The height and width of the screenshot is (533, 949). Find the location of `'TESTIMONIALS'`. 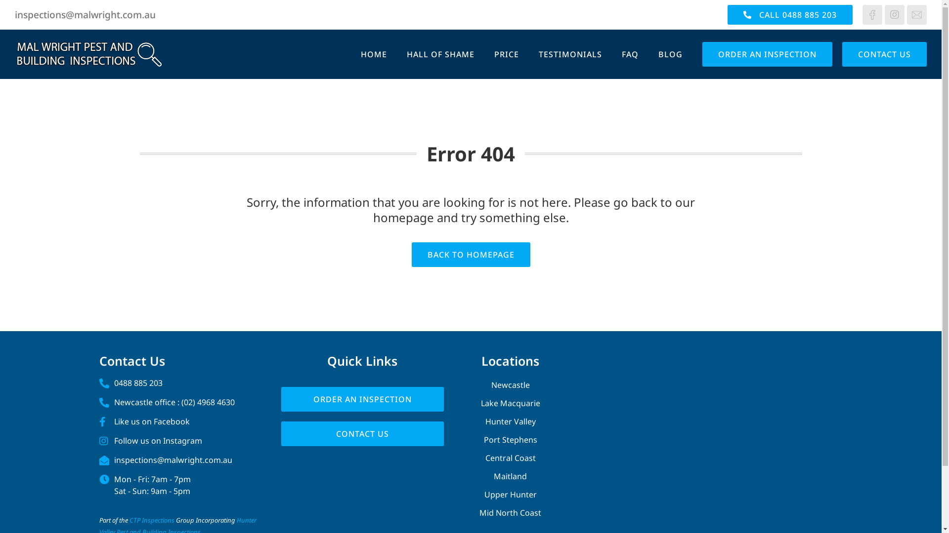

'TESTIMONIALS' is located at coordinates (570, 54).